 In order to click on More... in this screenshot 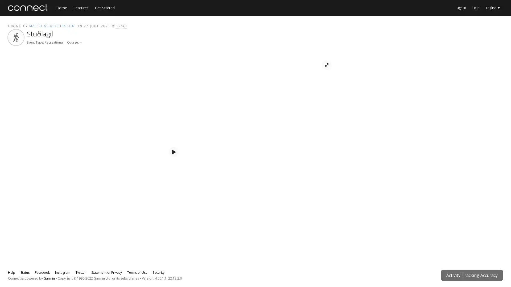, I will do `click(499, 27)`.